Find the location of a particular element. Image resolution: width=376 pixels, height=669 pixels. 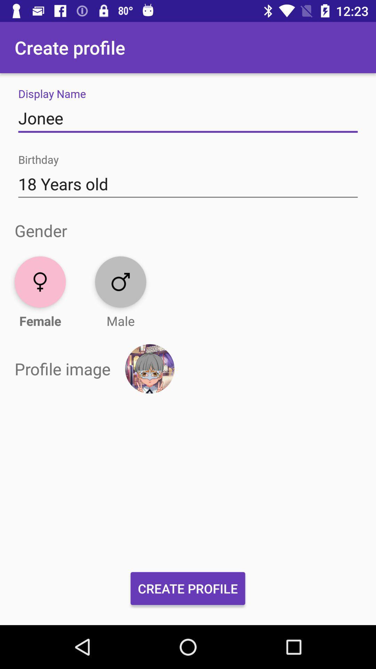

the location icon is located at coordinates (40, 282).